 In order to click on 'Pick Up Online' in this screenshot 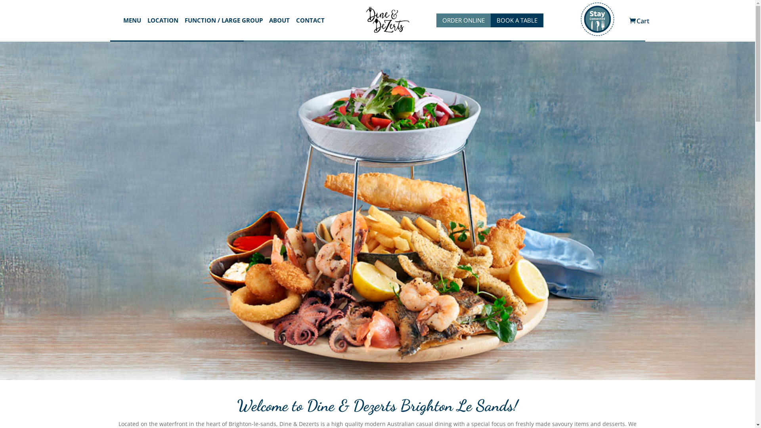, I will do `click(176, 32)`.